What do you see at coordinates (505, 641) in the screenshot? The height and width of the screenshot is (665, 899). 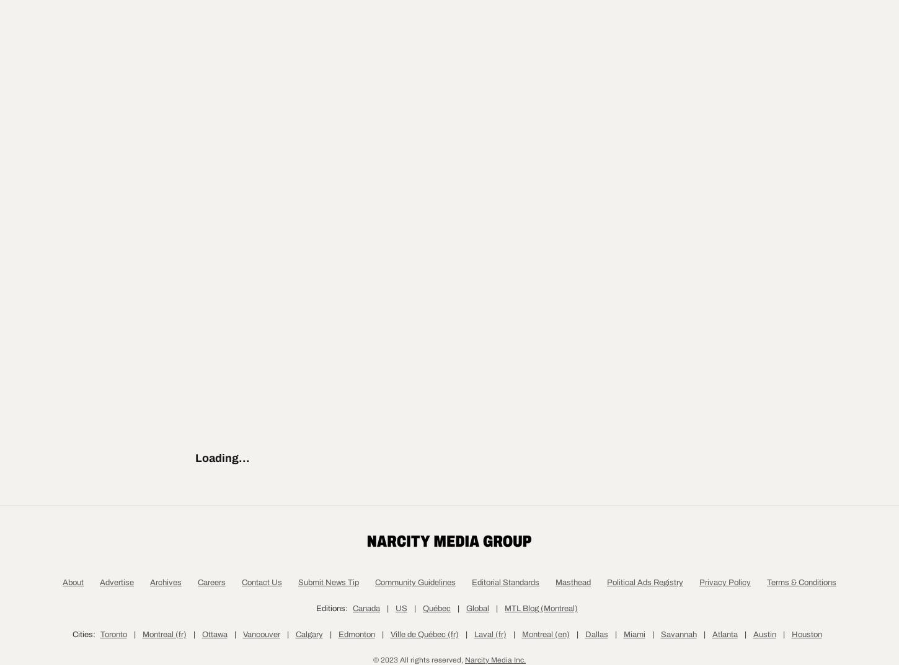 I see `'Editorial Standards'` at bounding box center [505, 641].